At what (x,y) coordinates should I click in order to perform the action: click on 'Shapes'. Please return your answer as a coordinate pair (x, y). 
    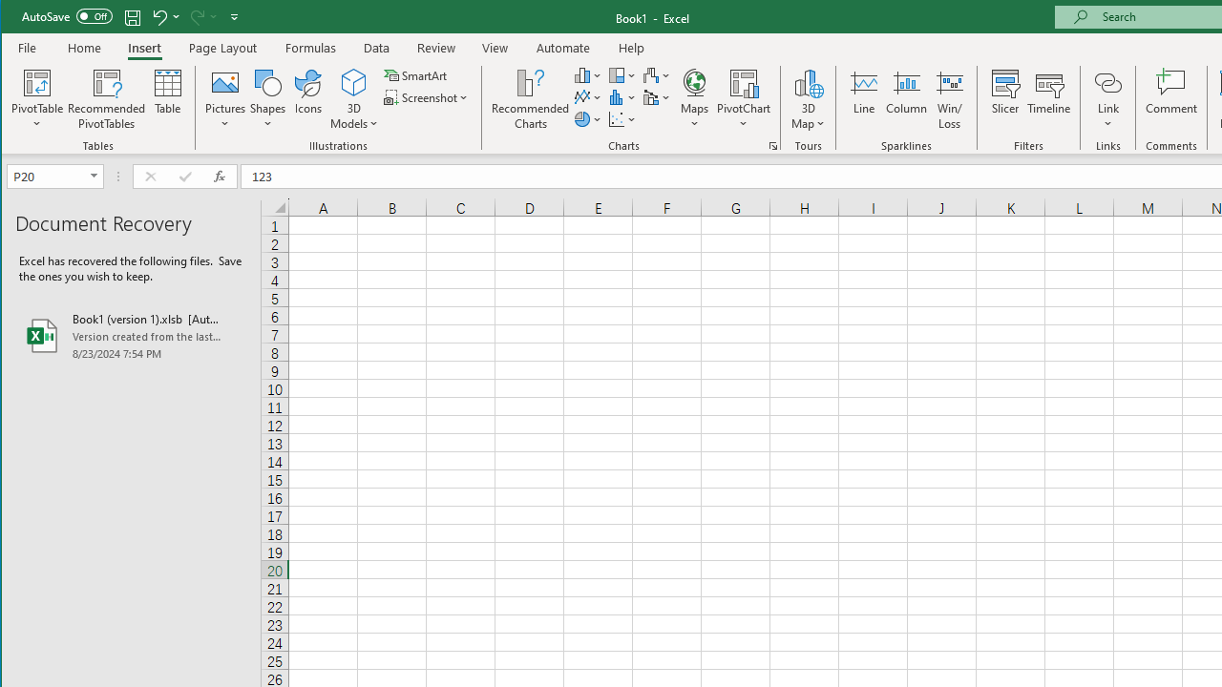
    Looking at the image, I should click on (266, 99).